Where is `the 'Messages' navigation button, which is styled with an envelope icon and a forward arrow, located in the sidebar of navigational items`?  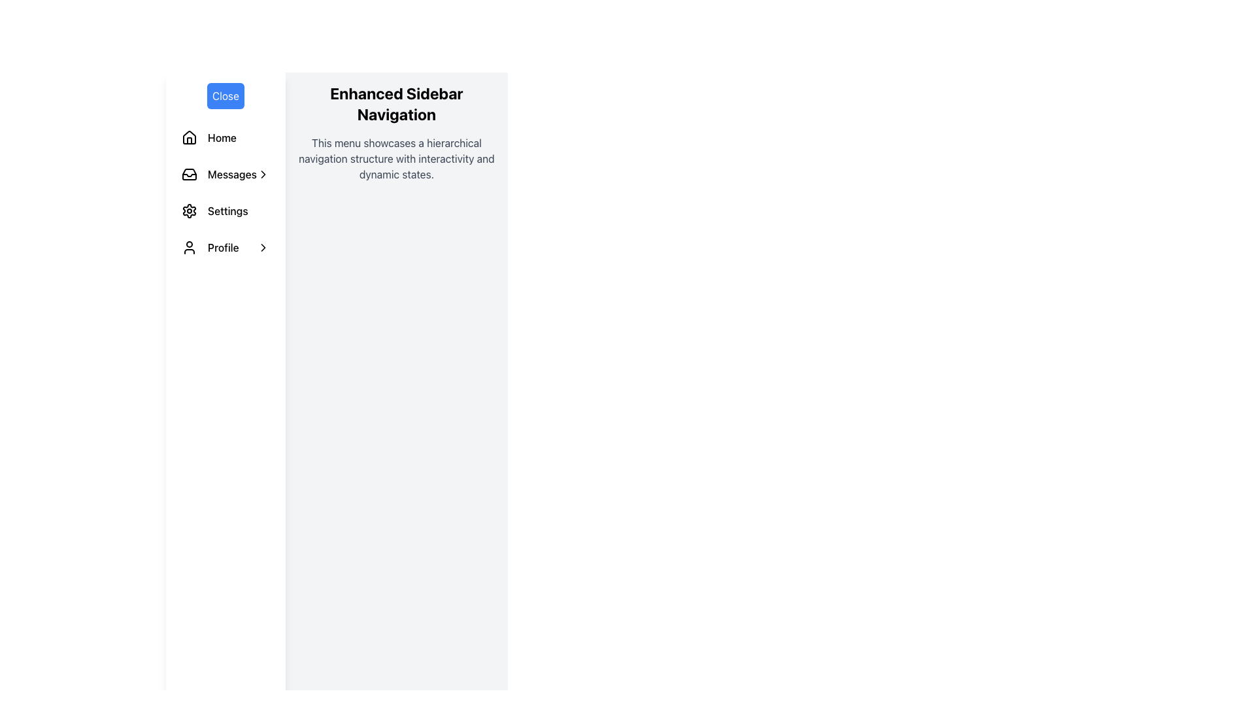
the 'Messages' navigation button, which is styled with an envelope icon and a forward arrow, located in the sidebar of navigational items is located at coordinates (226, 173).